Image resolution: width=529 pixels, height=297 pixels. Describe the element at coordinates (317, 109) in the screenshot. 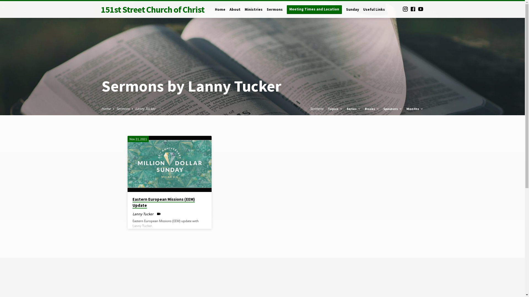

I see `'Sermons'` at that location.